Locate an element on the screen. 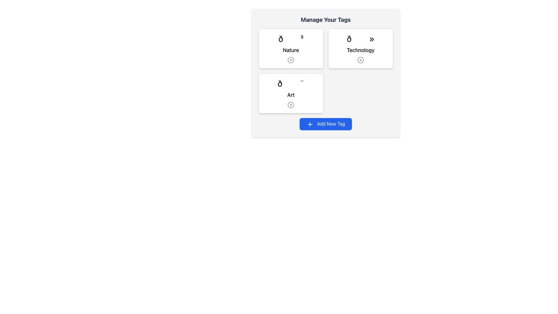 The height and width of the screenshot is (314, 558). the 'Nature' card in the top left of the grid layout is located at coordinates (291, 48).